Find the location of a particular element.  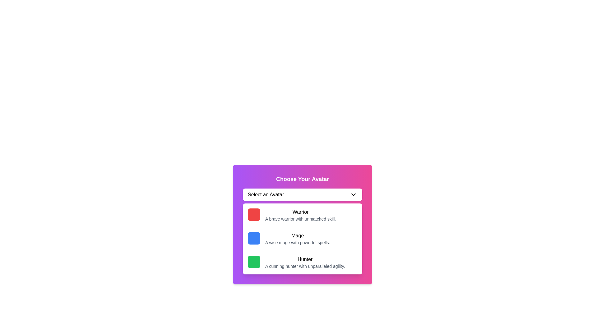

the 'Warrior' avatar option in the dropdown section is located at coordinates (300, 215).